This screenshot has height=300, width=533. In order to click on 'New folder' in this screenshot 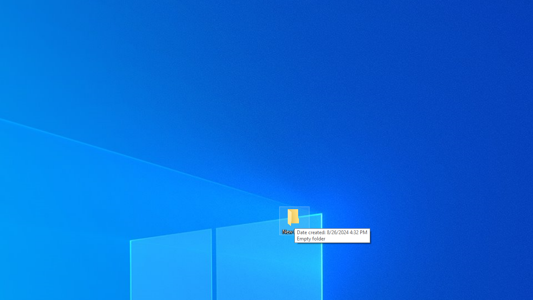, I will do `click(294, 220)`.